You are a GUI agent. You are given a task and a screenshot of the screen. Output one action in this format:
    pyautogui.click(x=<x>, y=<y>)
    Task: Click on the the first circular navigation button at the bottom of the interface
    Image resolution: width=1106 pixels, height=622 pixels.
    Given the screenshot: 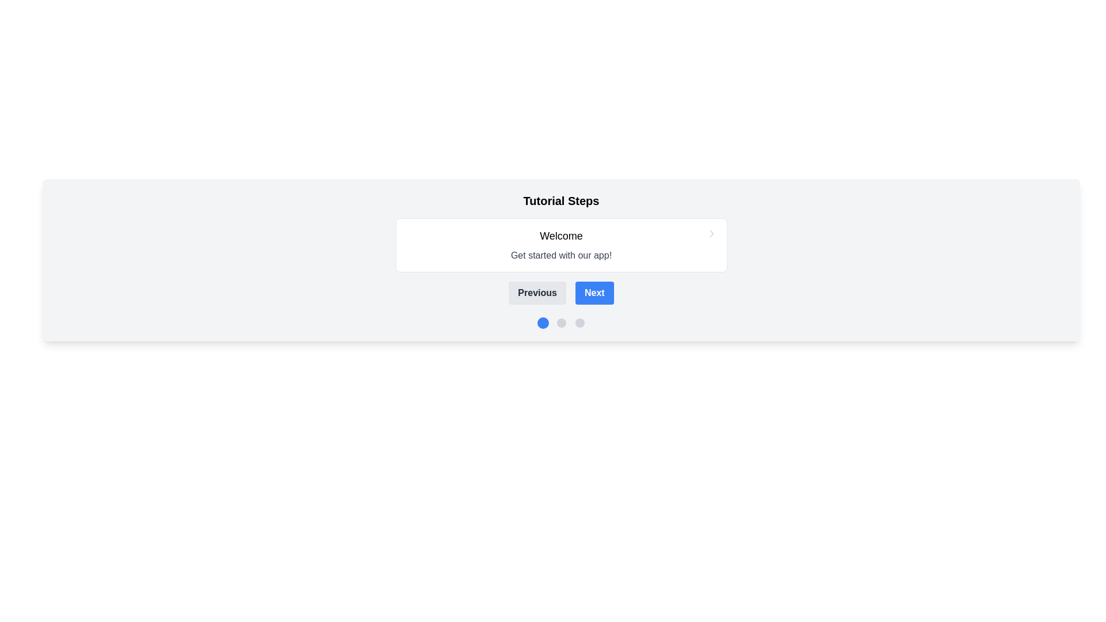 What is the action you would take?
    pyautogui.click(x=542, y=323)
    